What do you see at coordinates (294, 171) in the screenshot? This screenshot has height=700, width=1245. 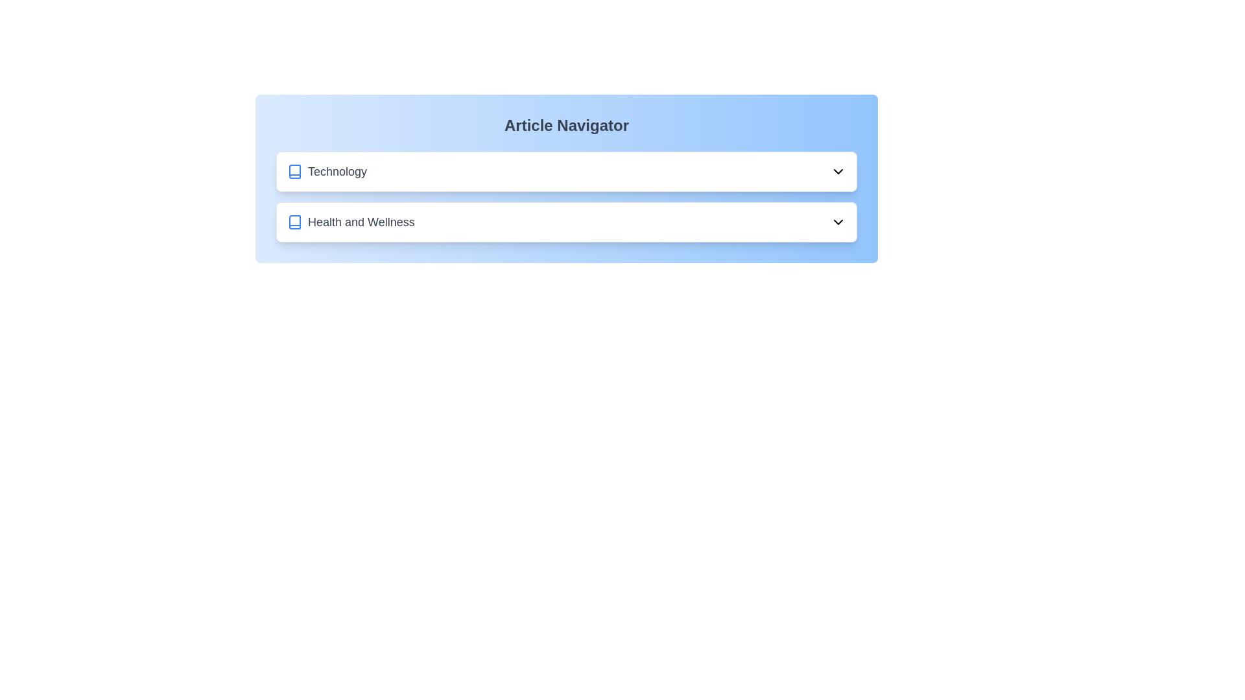 I see `the blue book icon that is positioned to the left of the 'Technology' label, as part of its context` at bounding box center [294, 171].